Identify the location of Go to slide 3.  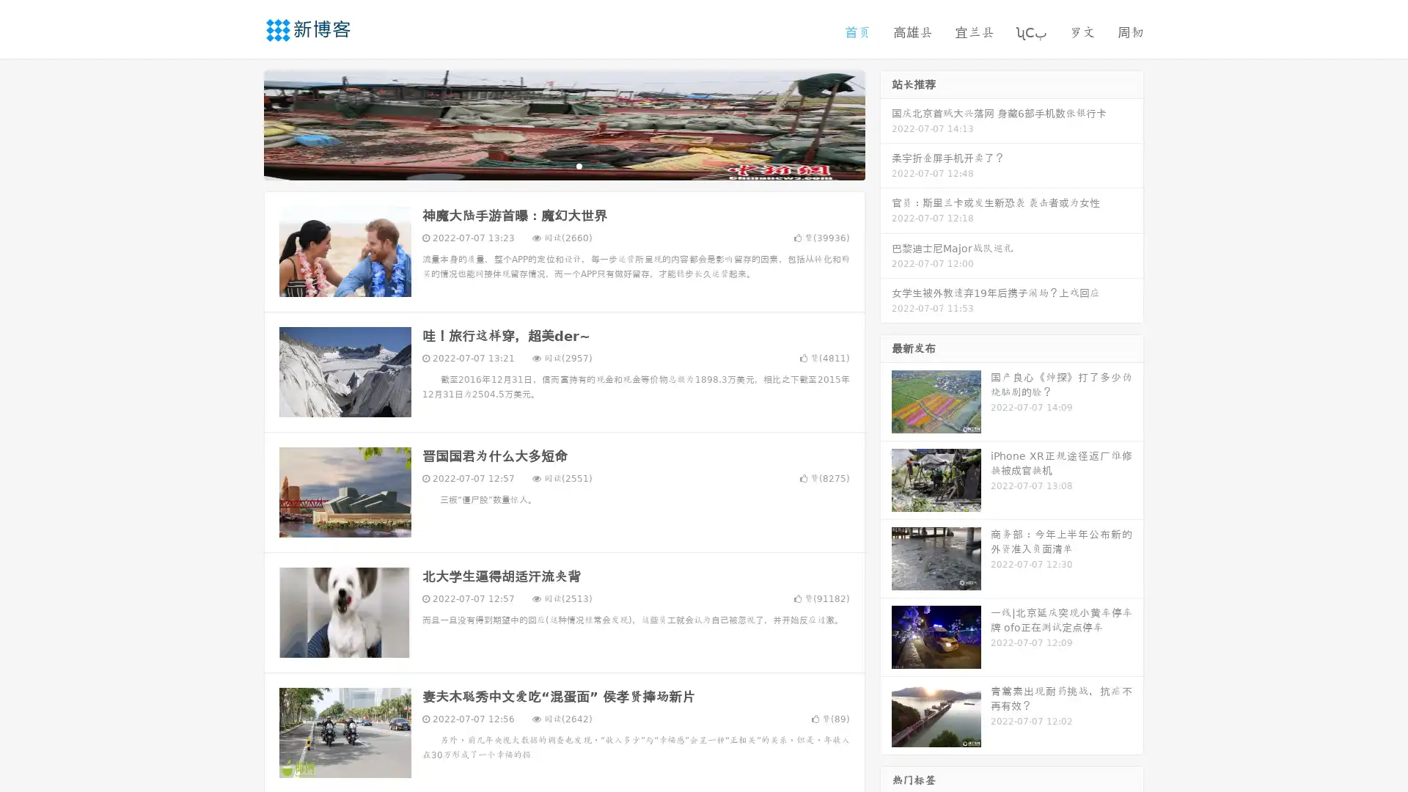
(579, 165).